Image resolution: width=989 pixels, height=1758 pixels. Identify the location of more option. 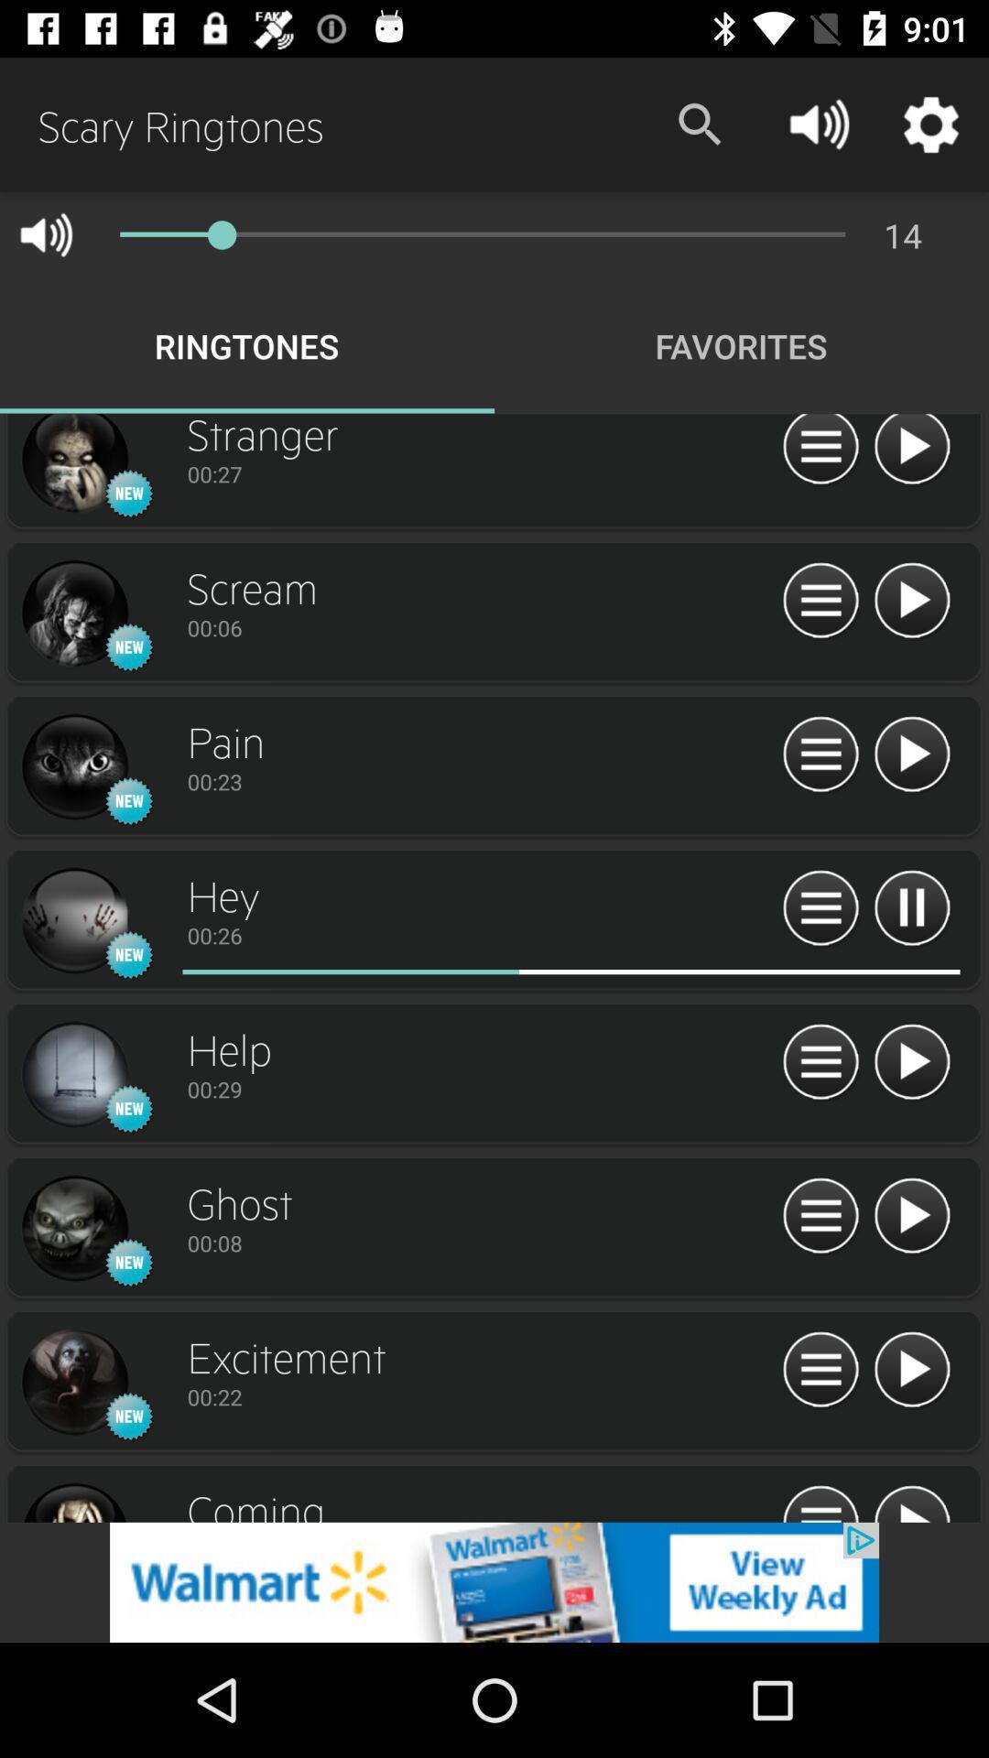
(820, 909).